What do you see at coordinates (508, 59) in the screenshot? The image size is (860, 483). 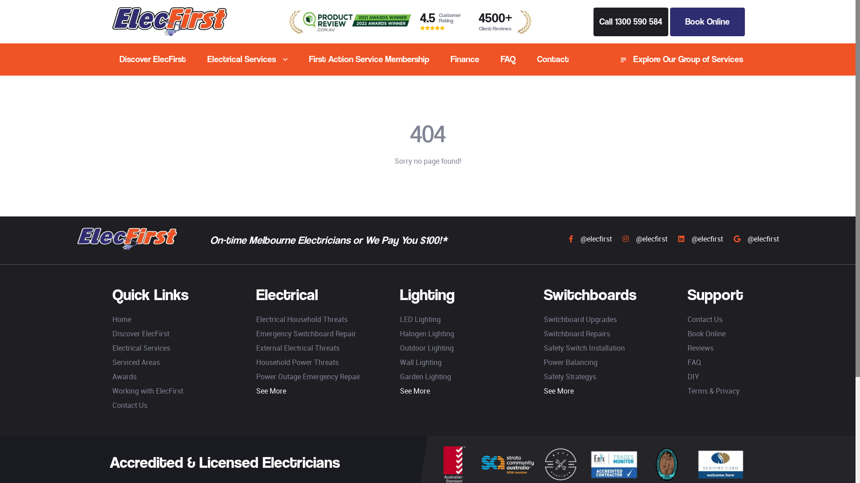 I see `'FAQ'` at bounding box center [508, 59].